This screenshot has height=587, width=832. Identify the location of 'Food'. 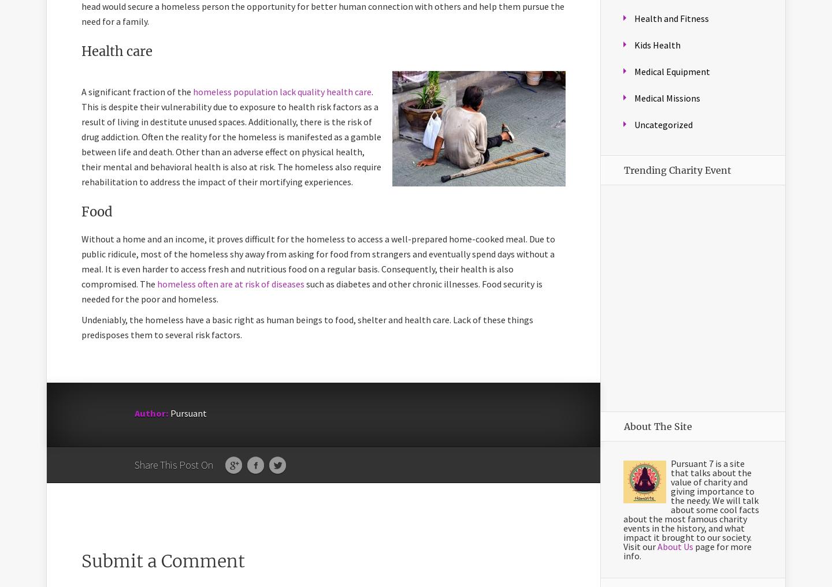
(96, 211).